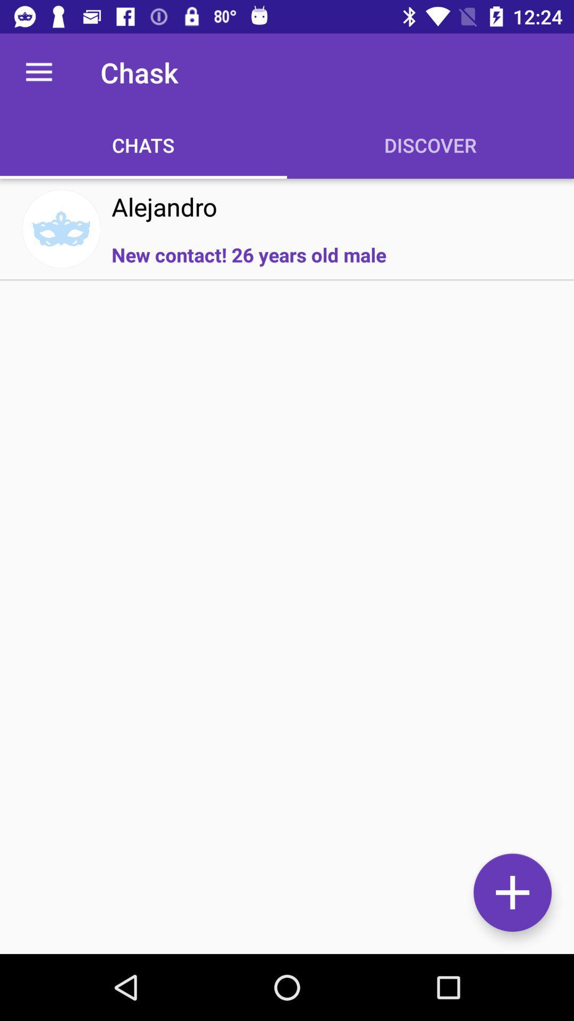 The image size is (574, 1021). I want to click on to add, so click(512, 892).